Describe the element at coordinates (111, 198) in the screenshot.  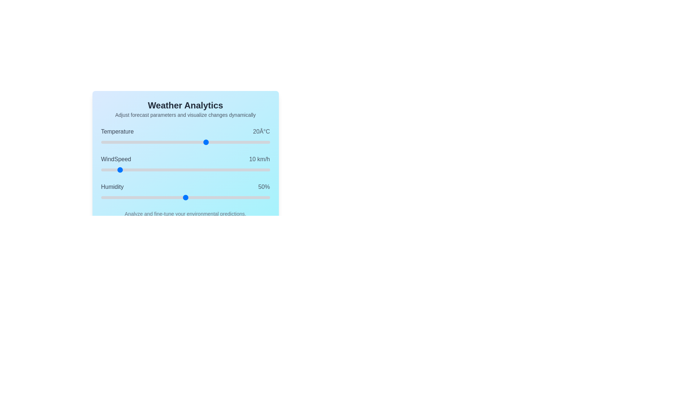
I see `the Humidity slider to set its value to 6` at that location.